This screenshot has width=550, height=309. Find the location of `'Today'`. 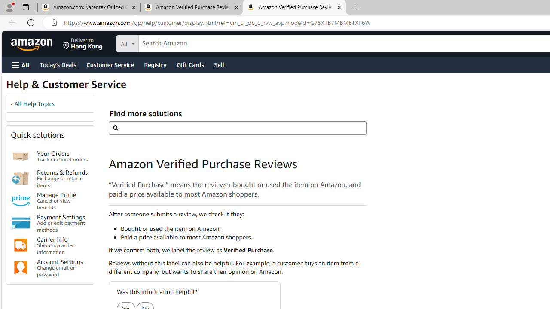

'Today' is located at coordinates (57, 64).